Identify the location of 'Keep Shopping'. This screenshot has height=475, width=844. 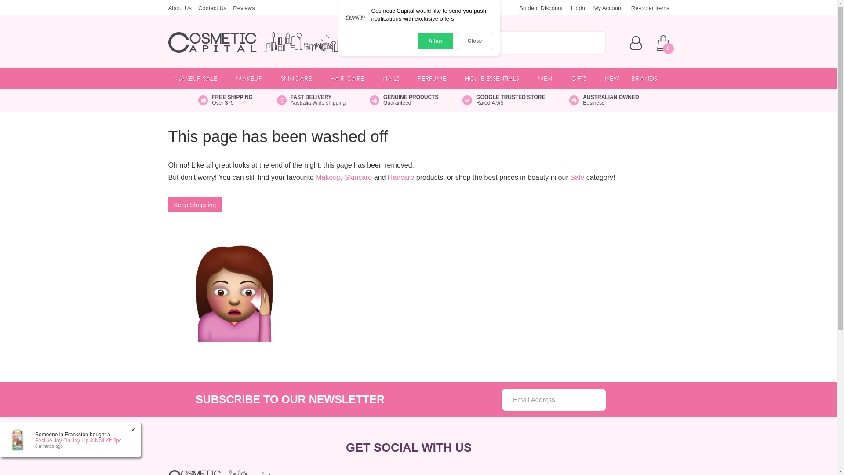
(168, 205).